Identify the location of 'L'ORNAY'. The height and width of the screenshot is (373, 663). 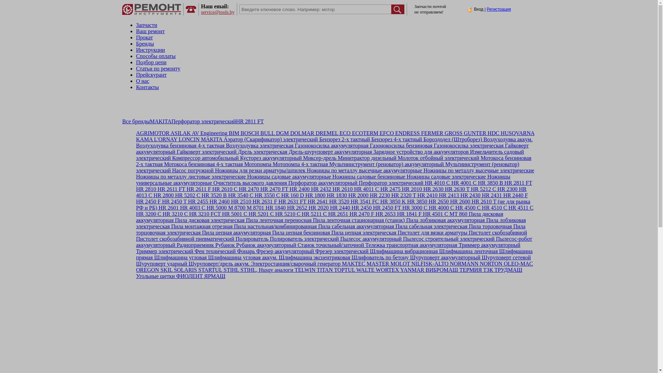
(152, 139).